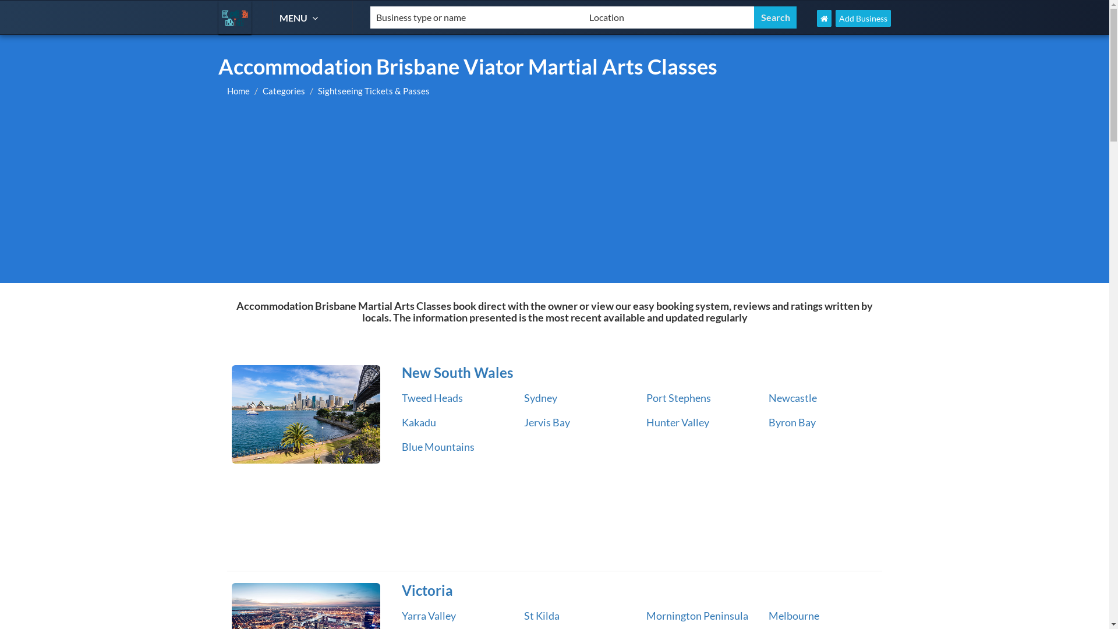 The image size is (1118, 629). What do you see at coordinates (697, 614) in the screenshot?
I see `'Mornington Peninsula'` at bounding box center [697, 614].